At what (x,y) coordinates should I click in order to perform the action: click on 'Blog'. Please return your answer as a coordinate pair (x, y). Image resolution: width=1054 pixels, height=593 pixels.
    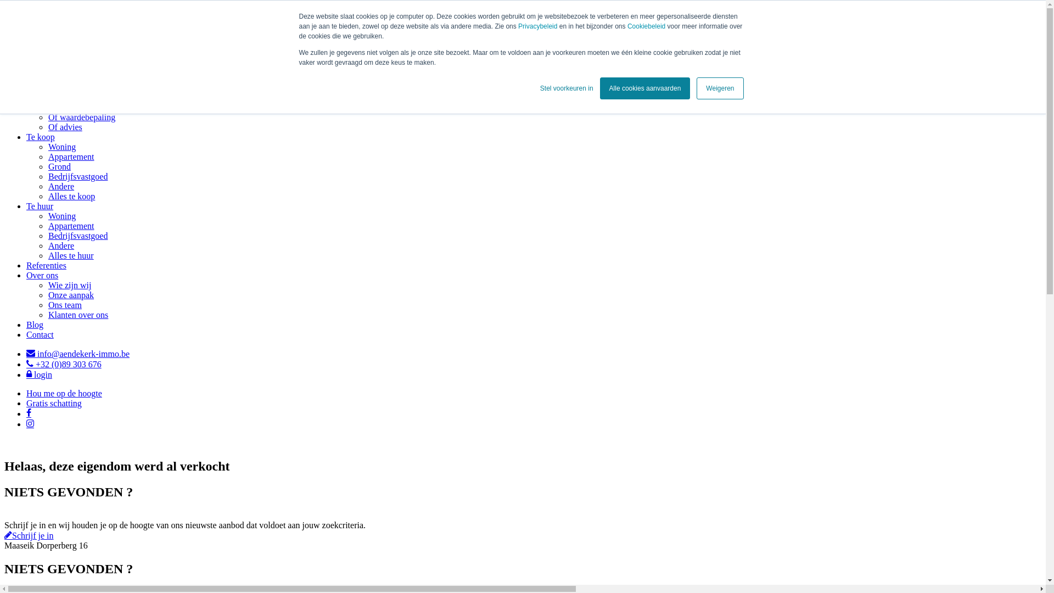
    Looking at the image, I should click on (35, 324).